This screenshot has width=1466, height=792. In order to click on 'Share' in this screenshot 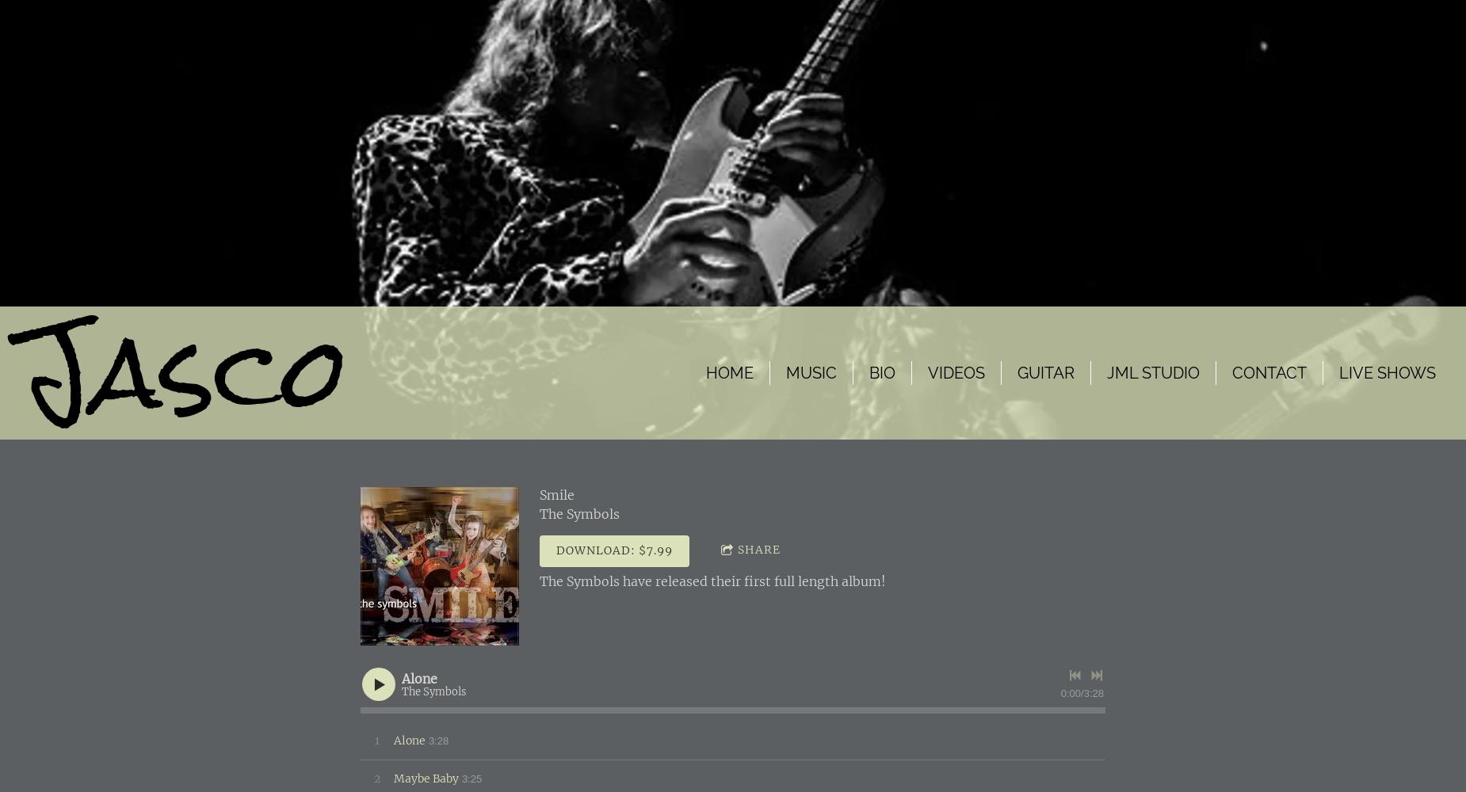, I will do `click(758, 549)`.